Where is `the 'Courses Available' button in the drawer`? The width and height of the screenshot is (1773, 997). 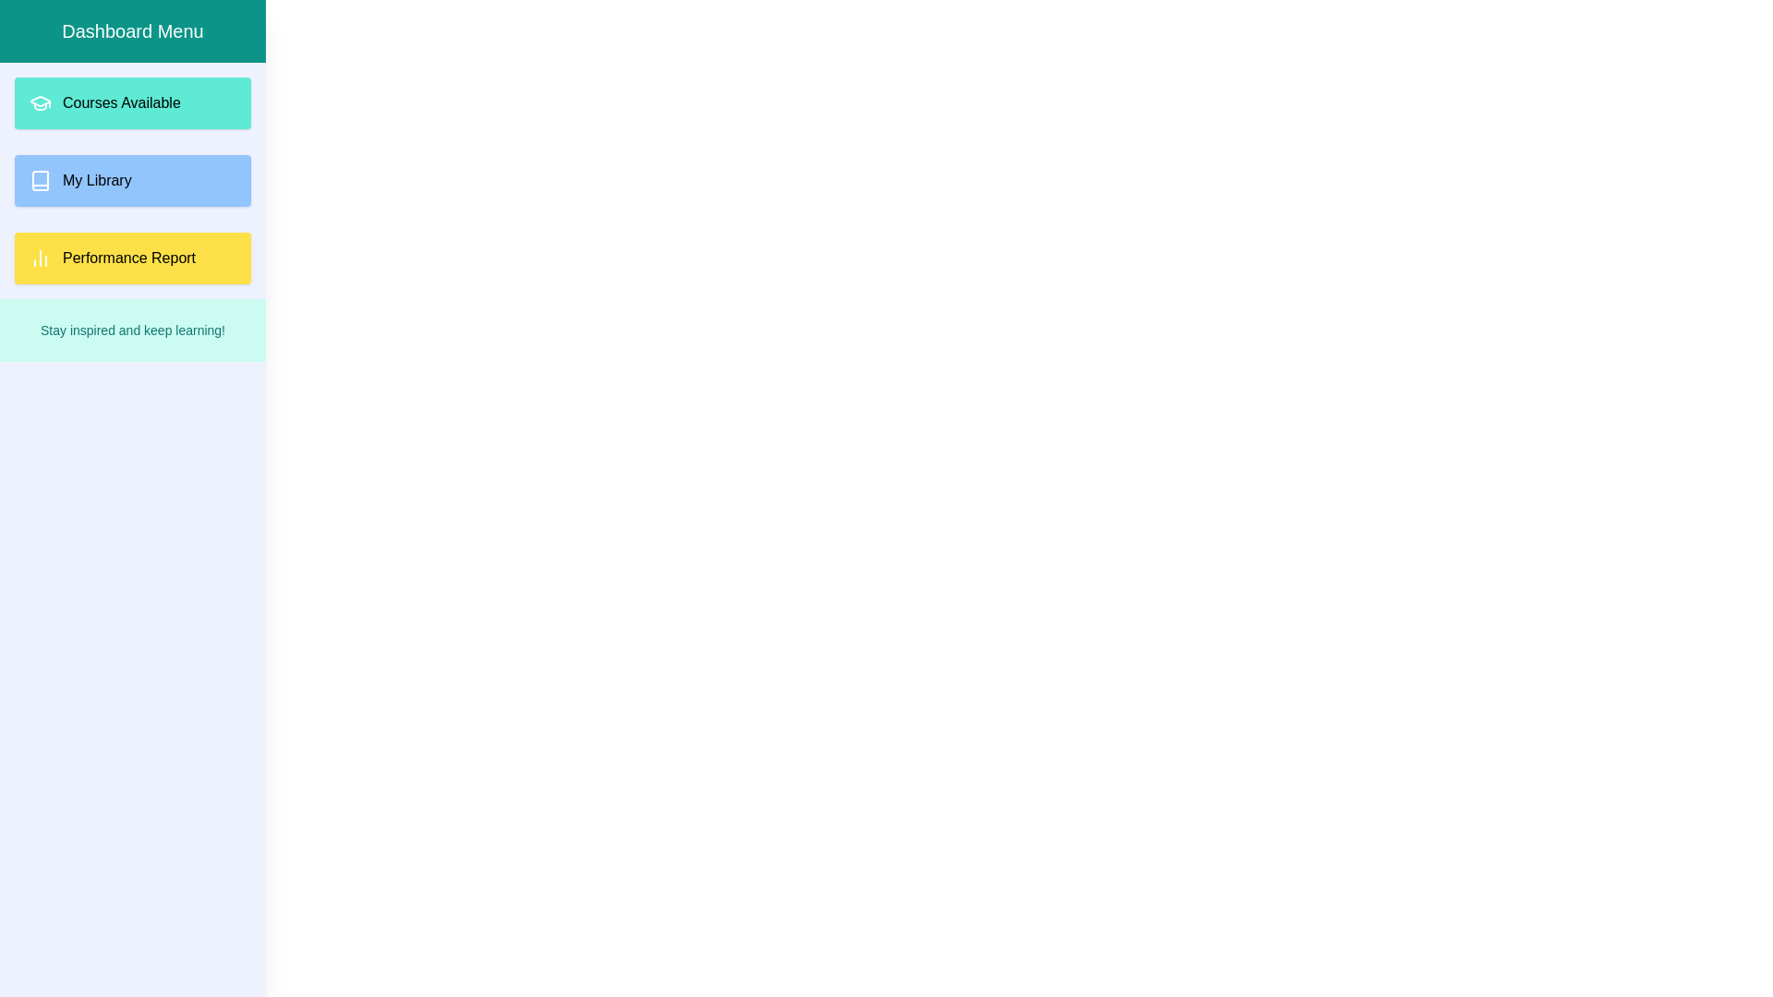 the 'Courses Available' button in the drawer is located at coordinates (132, 102).